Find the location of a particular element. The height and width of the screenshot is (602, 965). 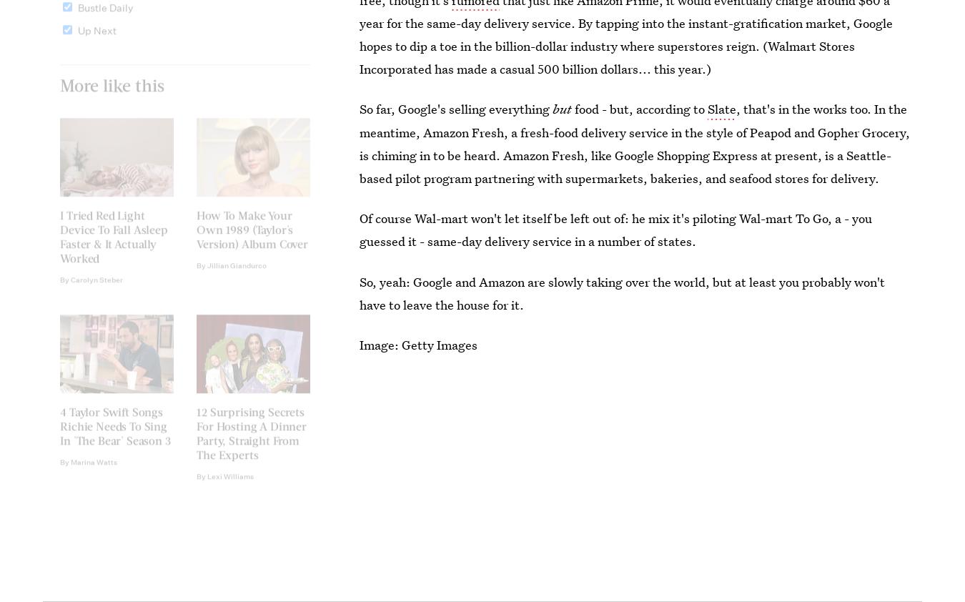

'Image: Getty Images' is located at coordinates (418, 344).